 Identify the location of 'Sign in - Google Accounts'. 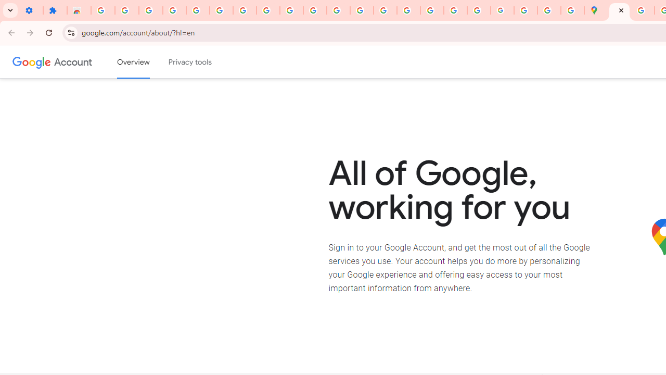
(103, 10).